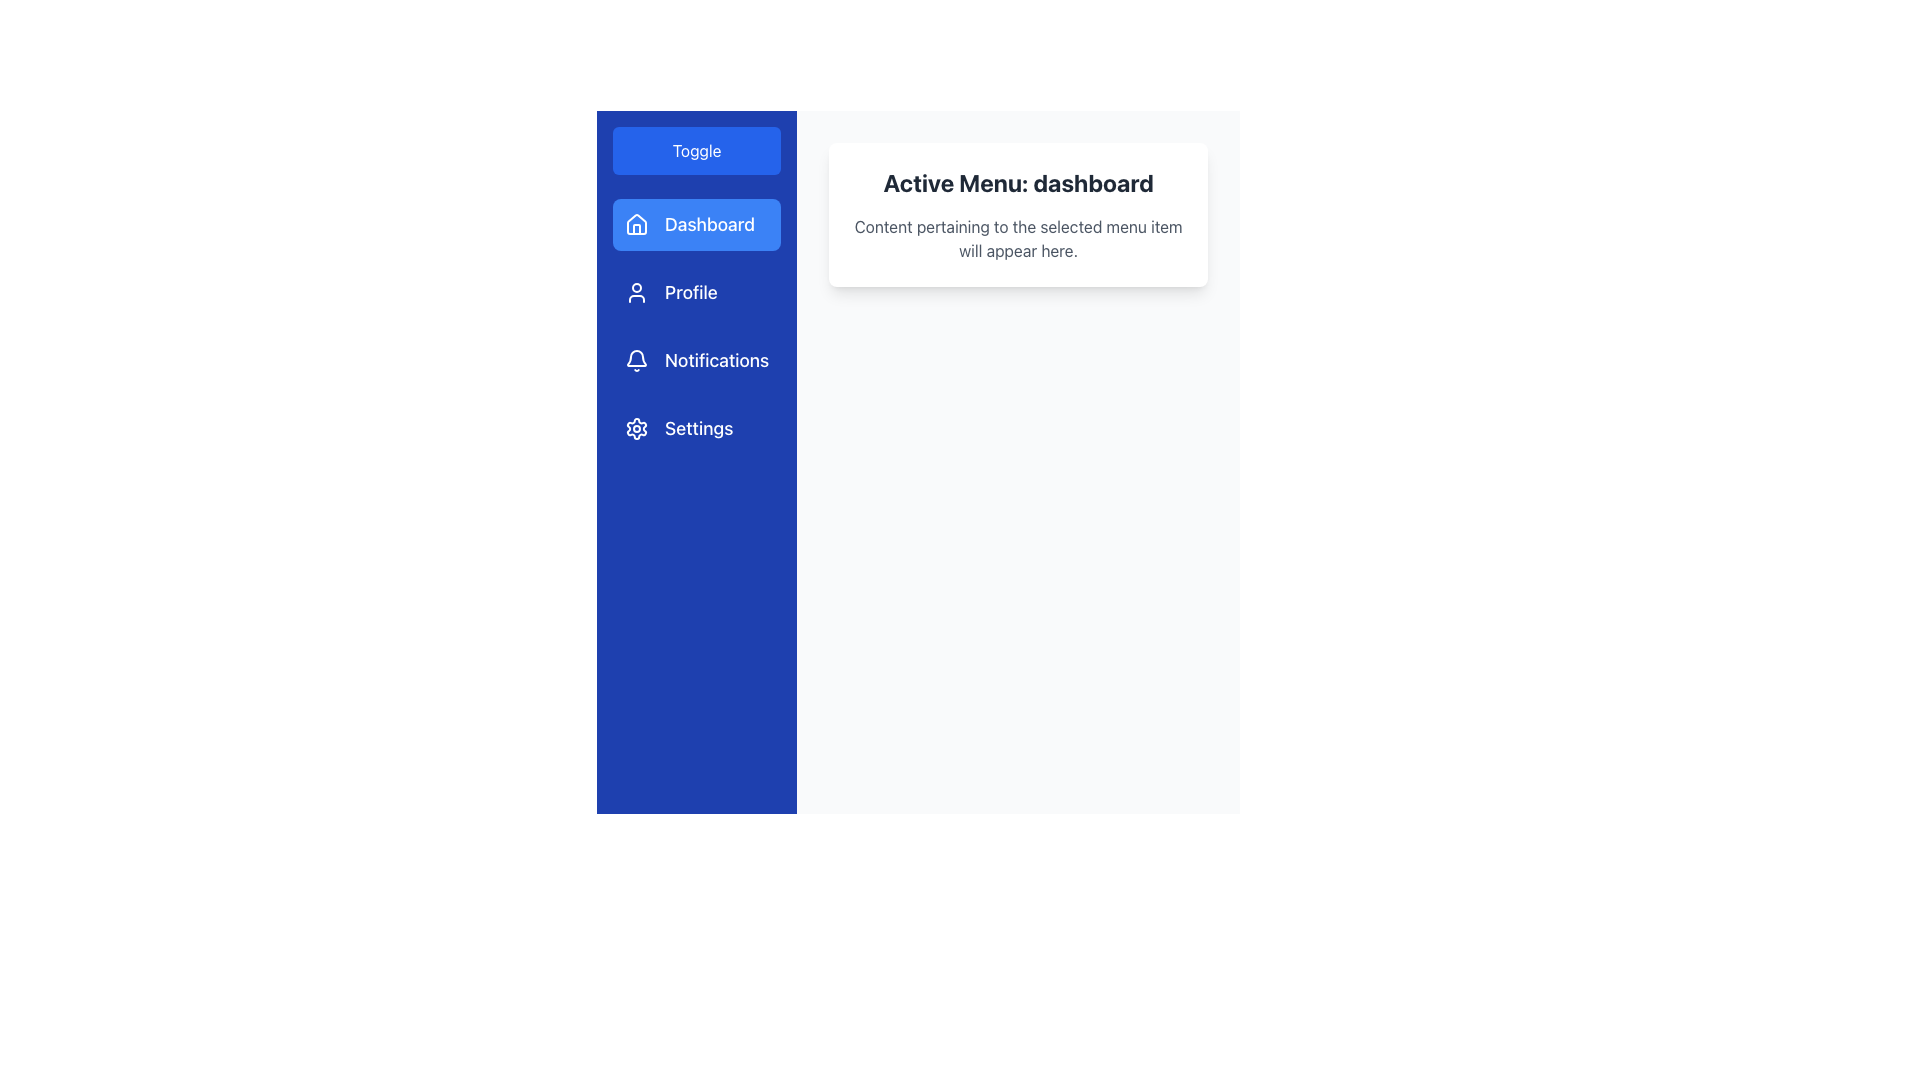 This screenshot has height=1079, width=1918. Describe the element at coordinates (636, 427) in the screenshot. I see `the gear icon representing settings functionality, which is styled with a blue background and white lines, located to the left of the 'Settings' label in the vertical navigation menu` at that location.